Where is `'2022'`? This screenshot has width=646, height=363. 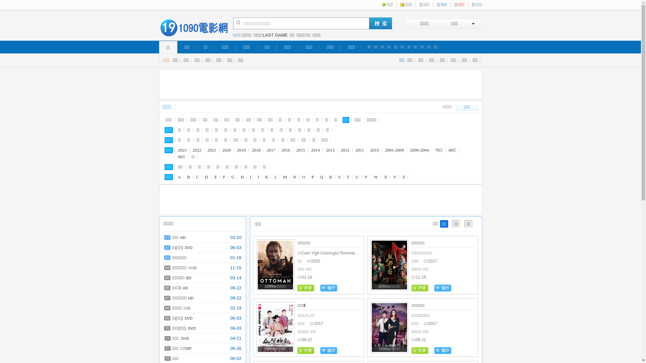 '2022' is located at coordinates (196, 150).